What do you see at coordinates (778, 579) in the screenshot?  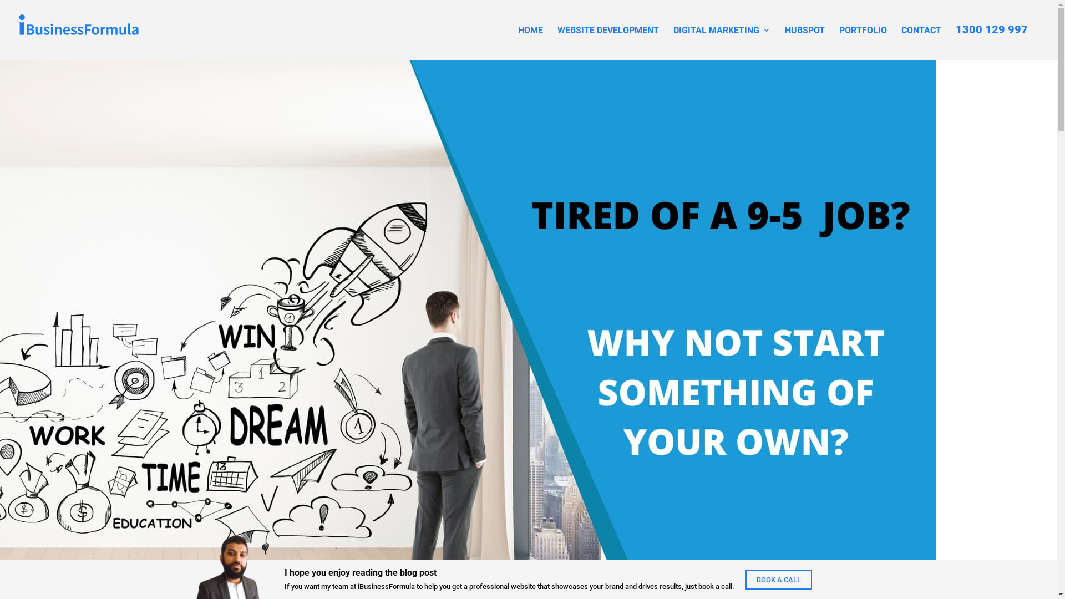 I see `'BOOK A CALL'` at bounding box center [778, 579].